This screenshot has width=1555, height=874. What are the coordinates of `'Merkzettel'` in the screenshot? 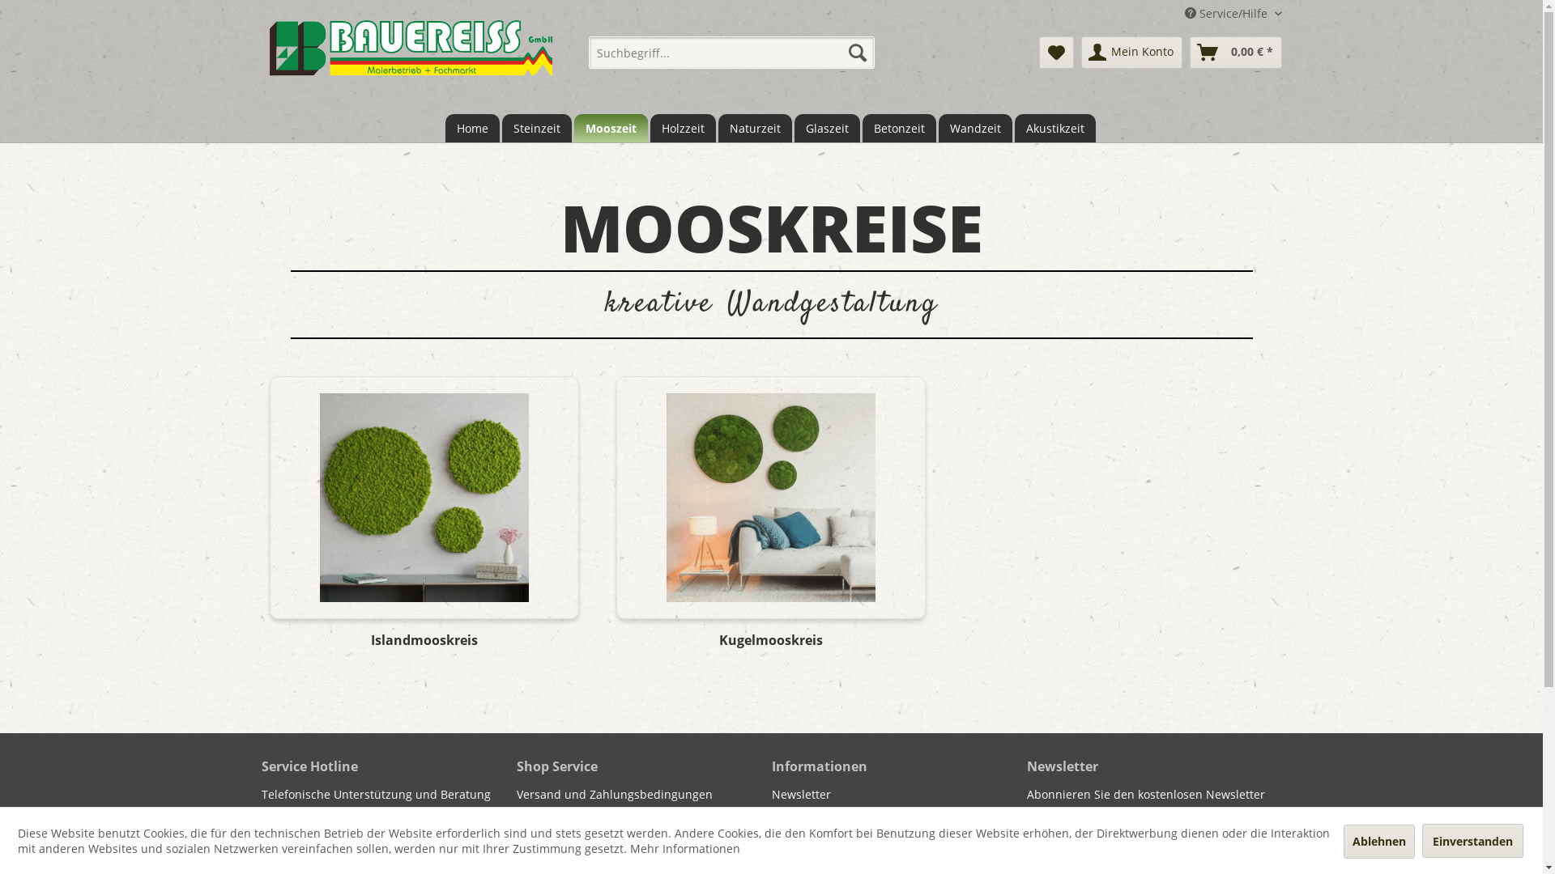 It's located at (1055, 52).